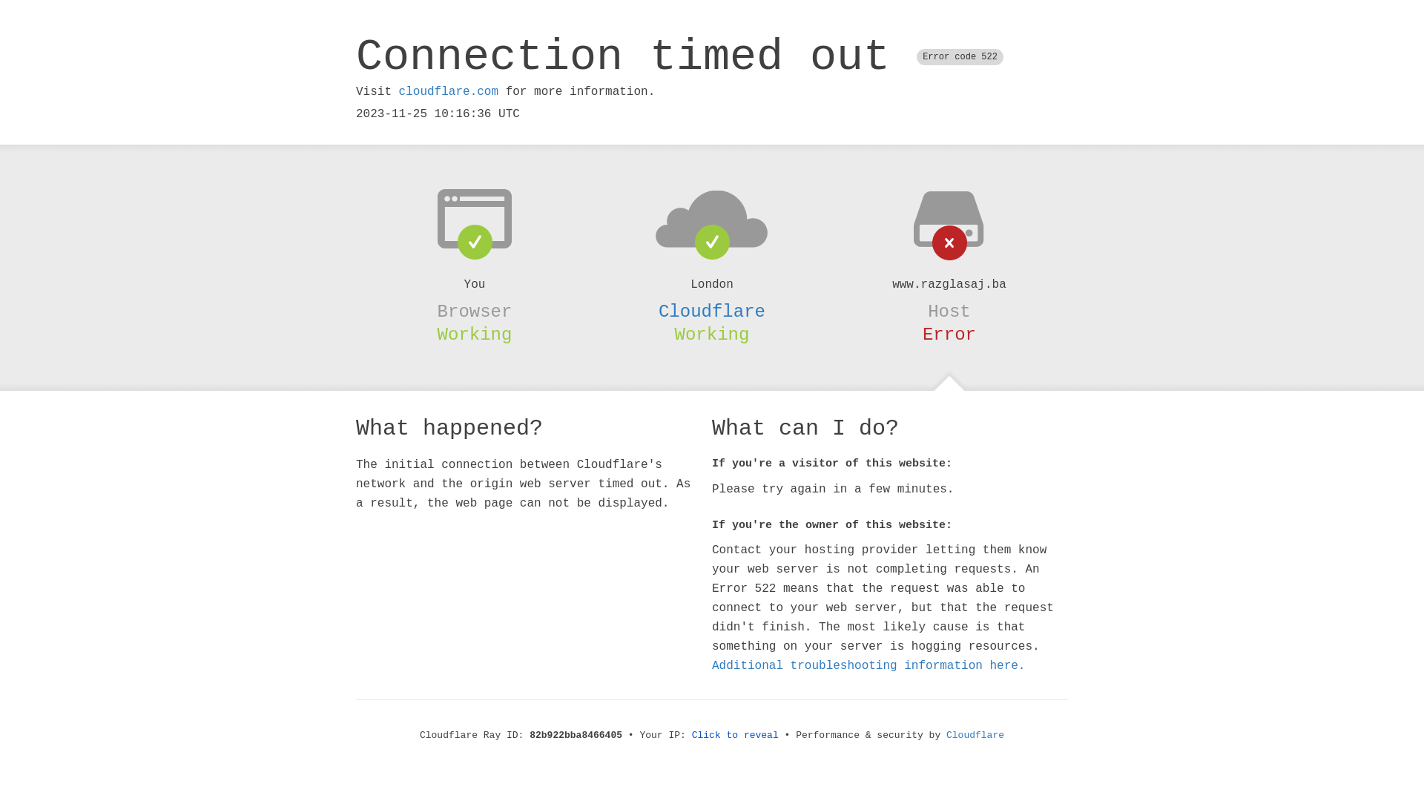 The image size is (1424, 801). Describe the element at coordinates (447, 91) in the screenshot. I see `'cloudflare.com'` at that location.